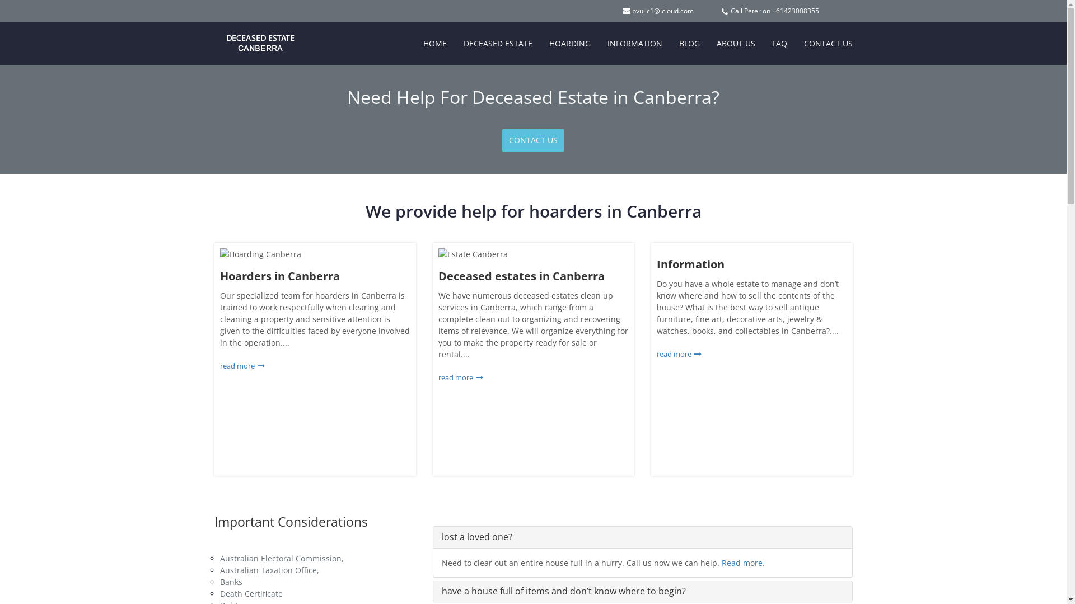 Image resolution: width=1075 pixels, height=604 pixels. What do you see at coordinates (281, 558) in the screenshot?
I see `'Australian Electoral Commission,'` at bounding box center [281, 558].